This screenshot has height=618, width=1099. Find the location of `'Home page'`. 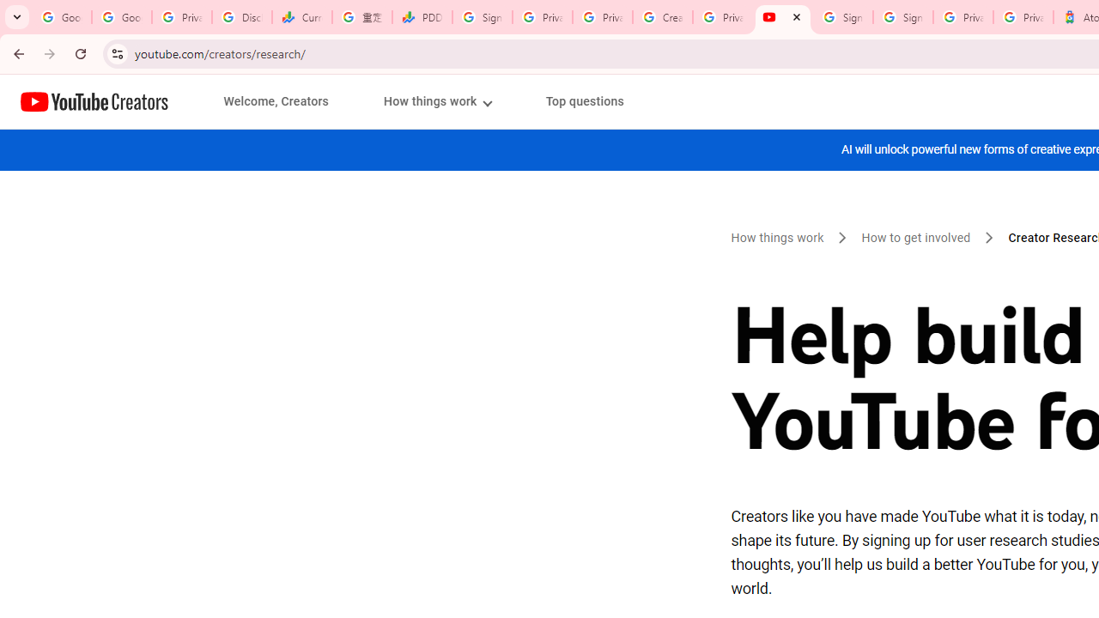

'Home page' is located at coordinates (94, 101).